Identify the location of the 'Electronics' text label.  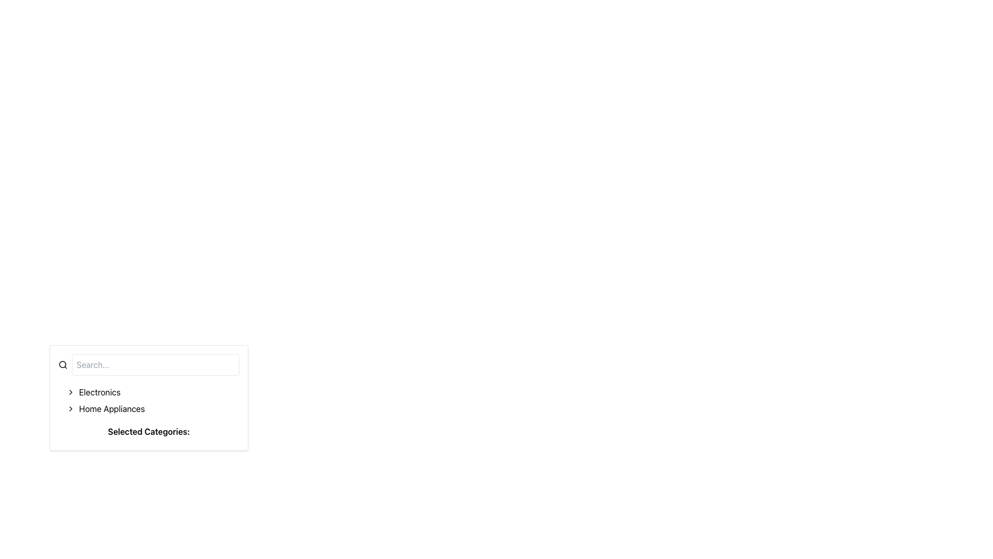
(100, 392).